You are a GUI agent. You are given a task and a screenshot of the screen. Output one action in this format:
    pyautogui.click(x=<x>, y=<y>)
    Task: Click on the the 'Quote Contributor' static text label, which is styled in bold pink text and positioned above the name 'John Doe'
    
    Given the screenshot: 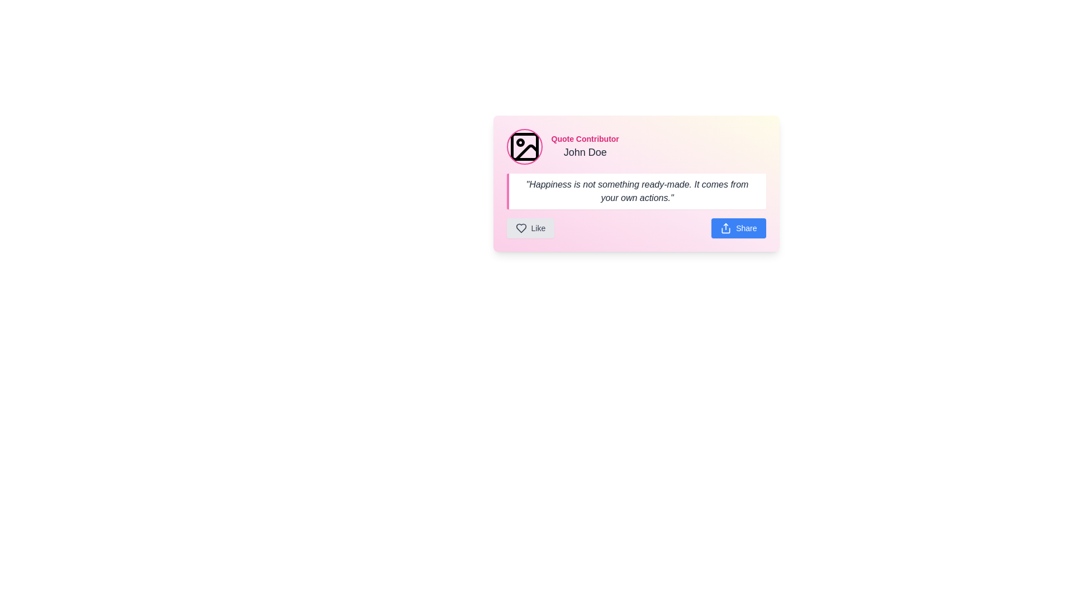 What is the action you would take?
    pyautogui.click(x=585, y=138)
    